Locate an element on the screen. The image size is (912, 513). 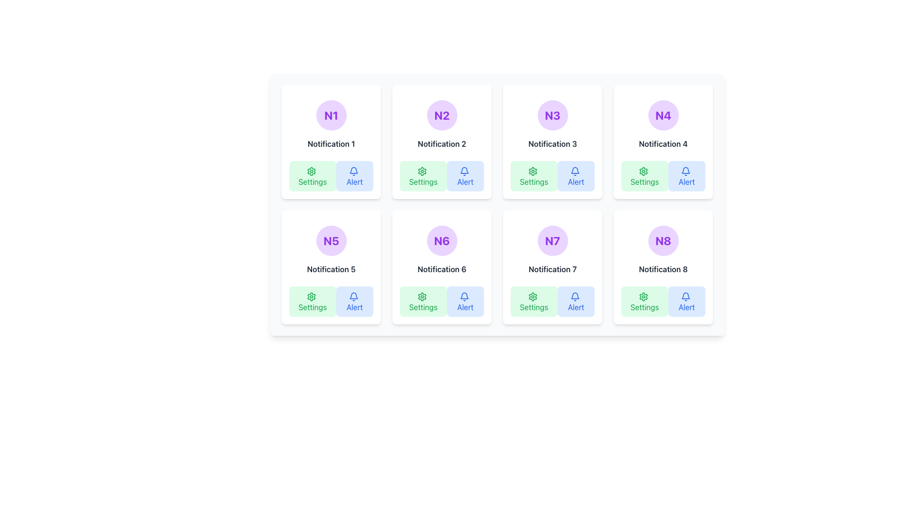
the bell icon located within the 'Alert' button in the bottom-right section of the grid inside the 'Notification 8' card is located at coordinates (685, 296).